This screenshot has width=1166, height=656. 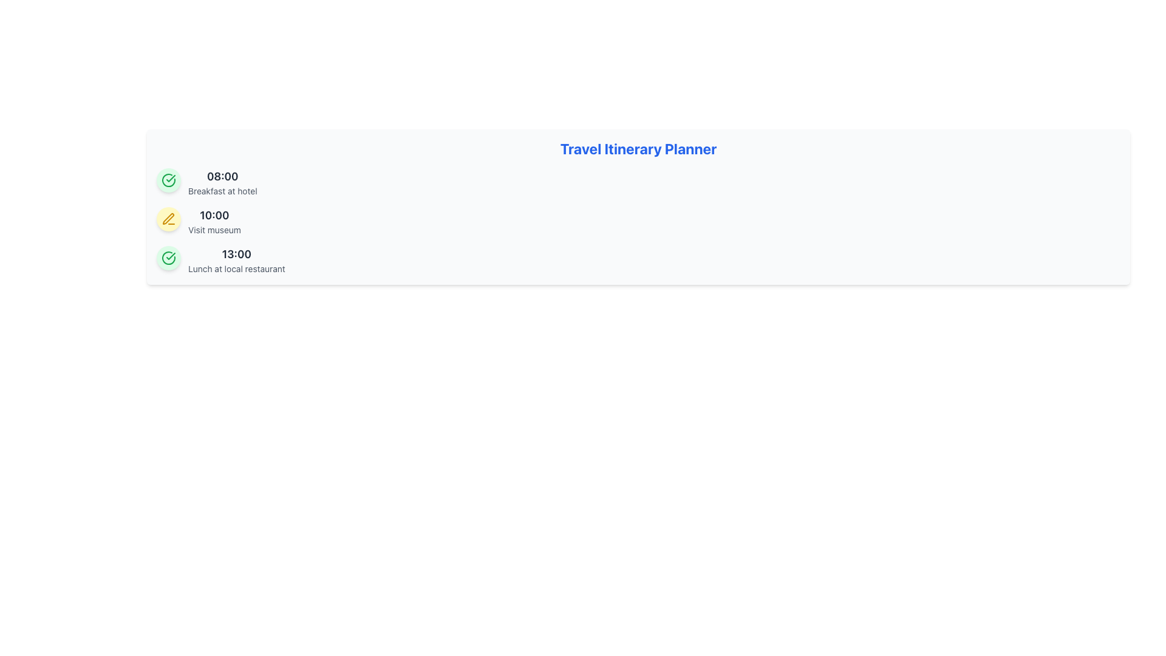 What do you see at coordinates (168, 257) in the screenshot?
I see `the first circular green icon with a check mark, which indicates confirmation or completion, located next to the '08:00 Breakfast at hotel' entry in the leftmost column` at bounding box center [168, 257].